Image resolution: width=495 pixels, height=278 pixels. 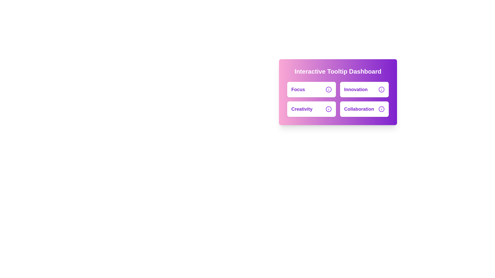 What do you see at coordinates (328, 89) in the screenshot?
I see `the outlined circular icon with a soft purple fill and a centered white dot, located next to the 'Focus' label` at bounding box center [328, 89].